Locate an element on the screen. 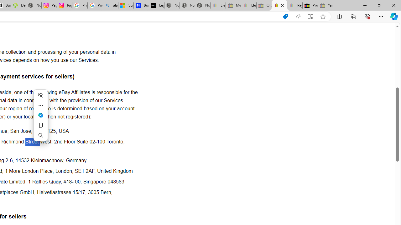  'Mini menu on text selection' is located at coordinates (40, 115).